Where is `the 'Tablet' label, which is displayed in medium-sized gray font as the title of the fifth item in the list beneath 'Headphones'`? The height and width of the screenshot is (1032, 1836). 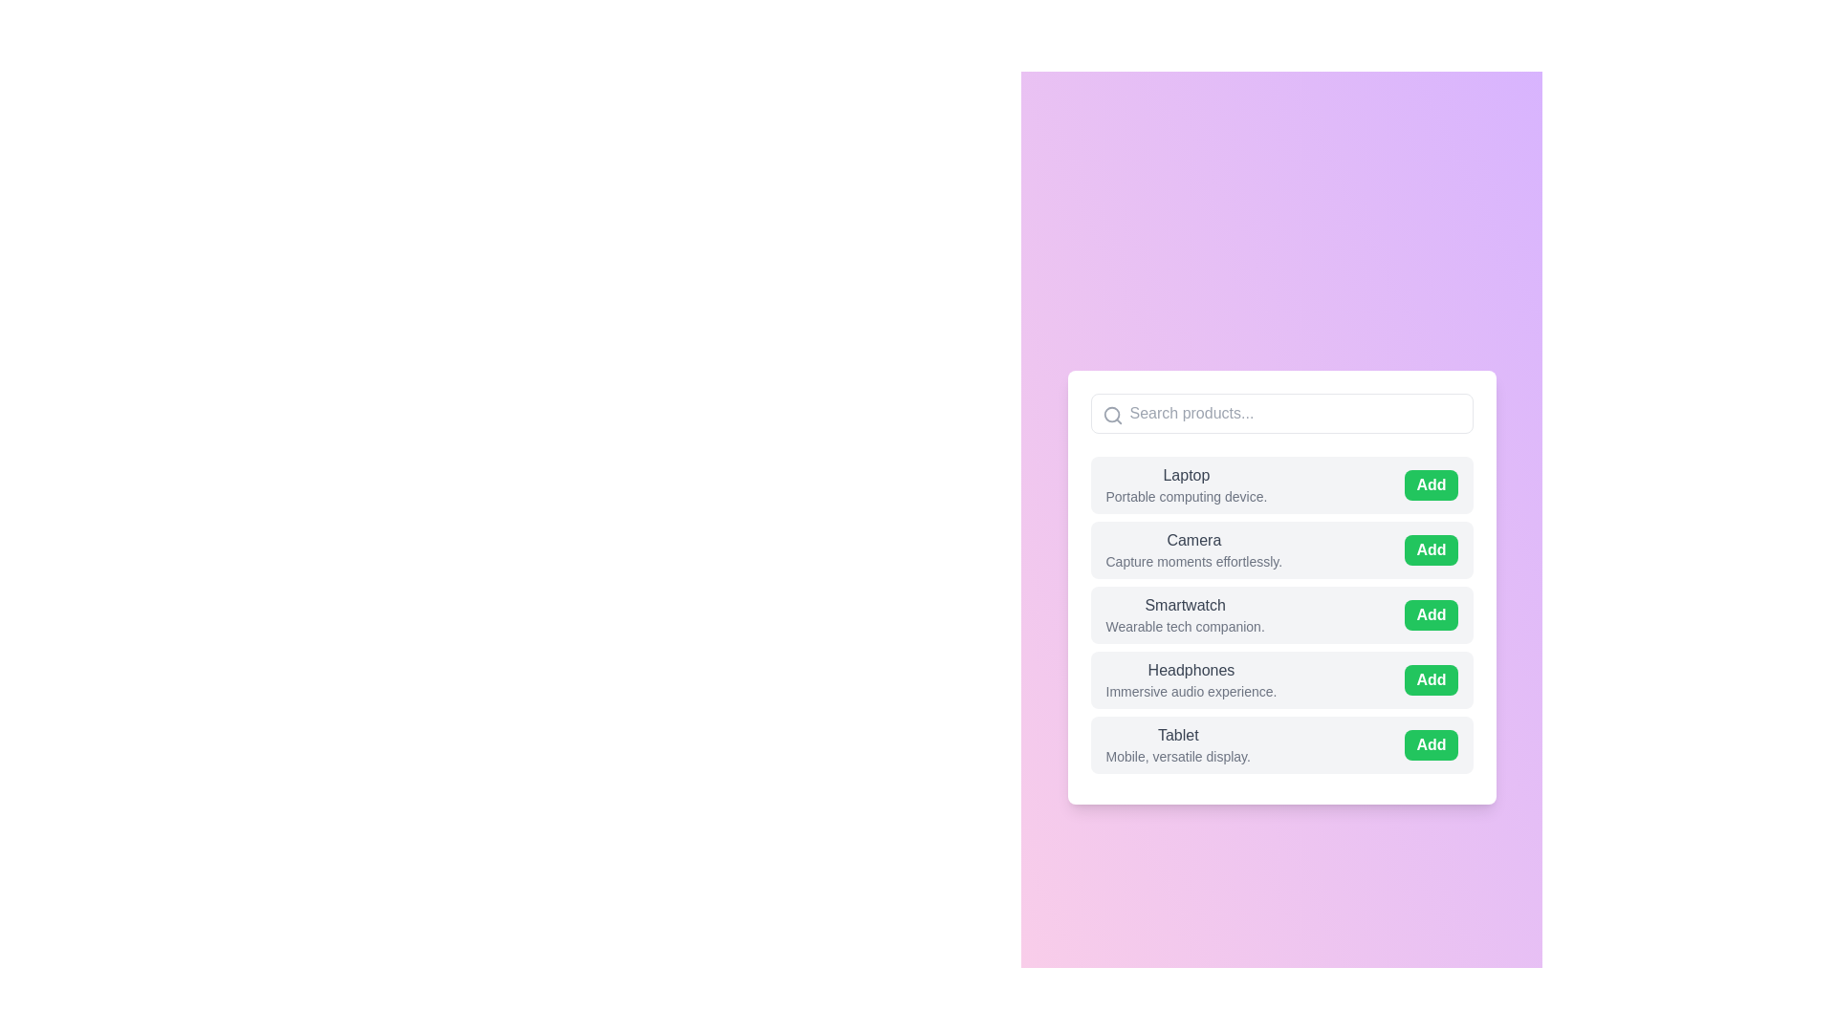 the 'Tablet' label, which is displayed in medium-sized gray font as the title of the fifth item in the list beneath 'Headphones' is located at coordinates (1177, 735).